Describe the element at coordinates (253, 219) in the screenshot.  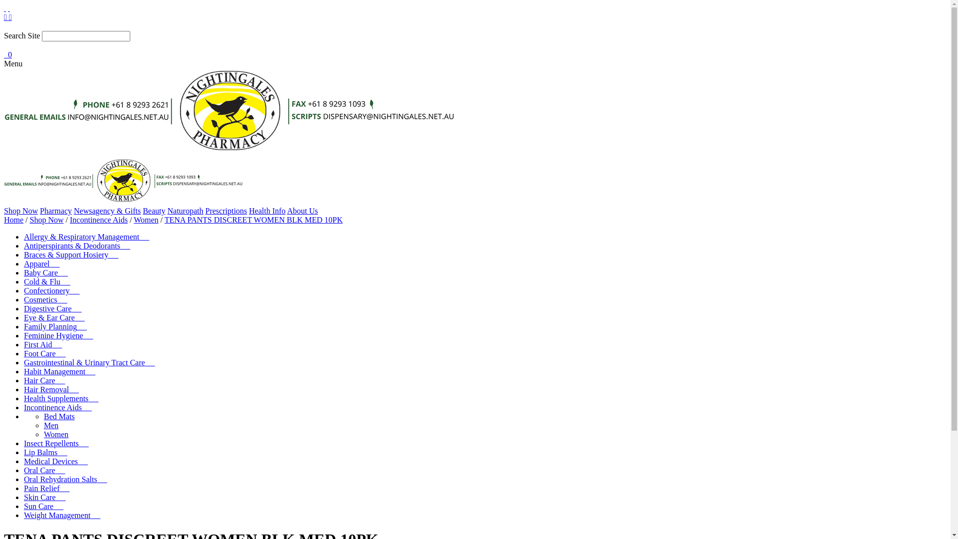
I see `'TENA PANTS DISCREET WOMEN BLK MED 10PK'` at that location.